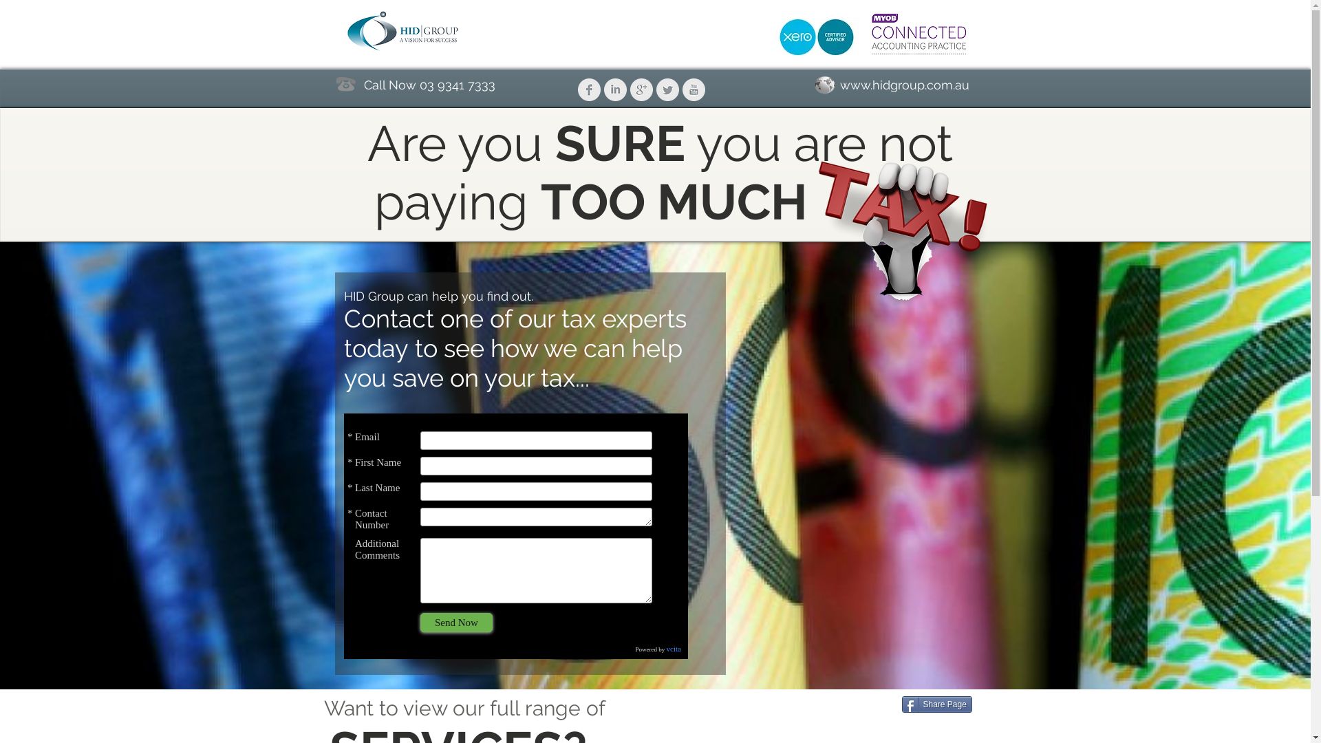  Describe the element at coordinates (402, 31) in the screenshot. I see `'HID-Logo-Landscape Lge.png'` at that location.